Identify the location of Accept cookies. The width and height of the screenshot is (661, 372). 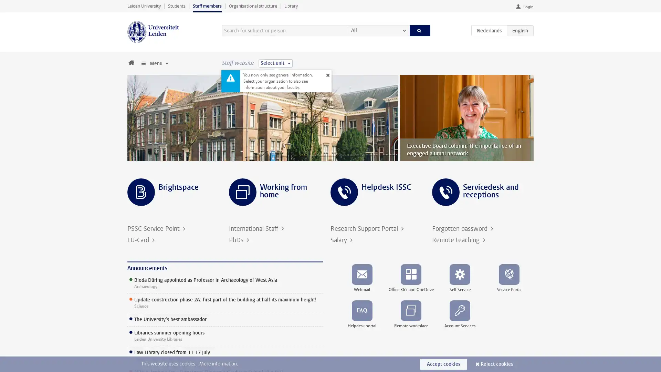
(443, 364).